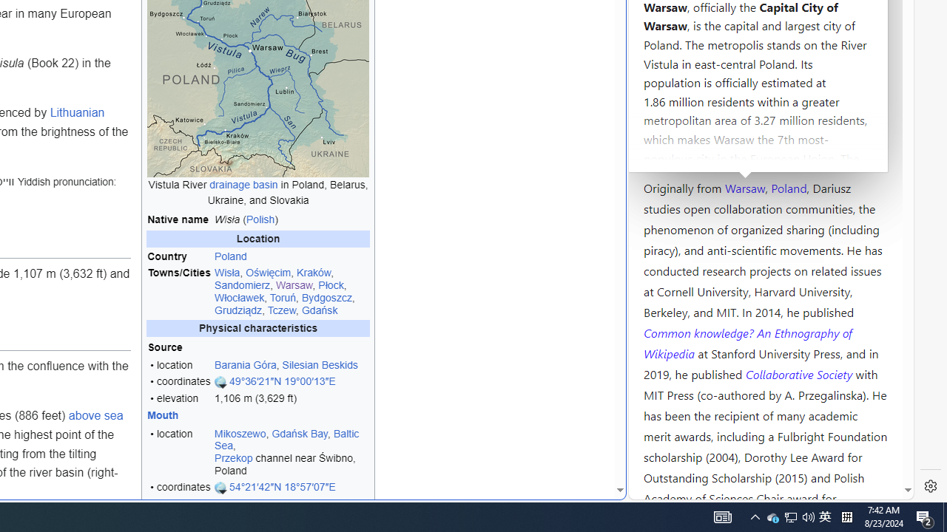  I want to click on 'Sandomierz', so click(242, 284).